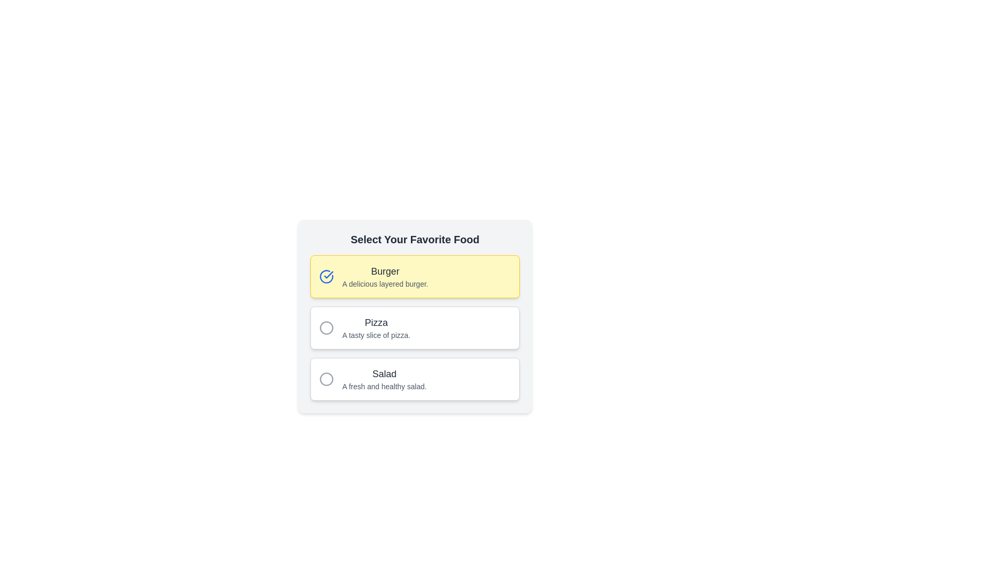  What do you see at coordinates (385, 284) in the screenshot?
I see `description provided by the Text Label located below the 'Burger' label, which offers contextual information for user selection` at bounding box center [385, 284].